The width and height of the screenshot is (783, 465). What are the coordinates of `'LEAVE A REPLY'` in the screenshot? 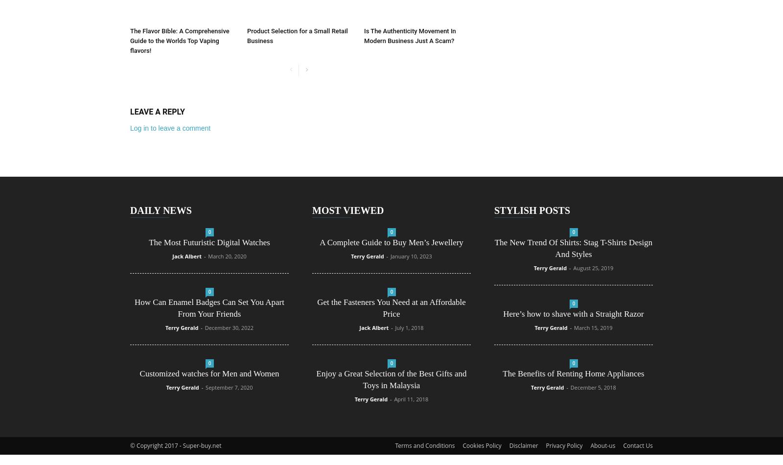 It's located at (157, 111).